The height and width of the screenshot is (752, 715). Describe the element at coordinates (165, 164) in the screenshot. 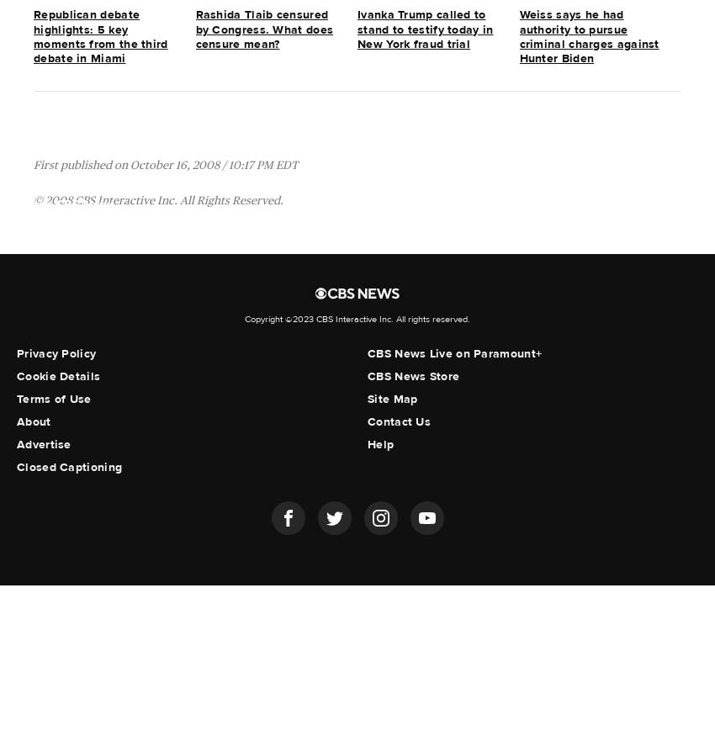

I see `'First published on October 16, 2008 / 10:17 PM EDT'` at that location.